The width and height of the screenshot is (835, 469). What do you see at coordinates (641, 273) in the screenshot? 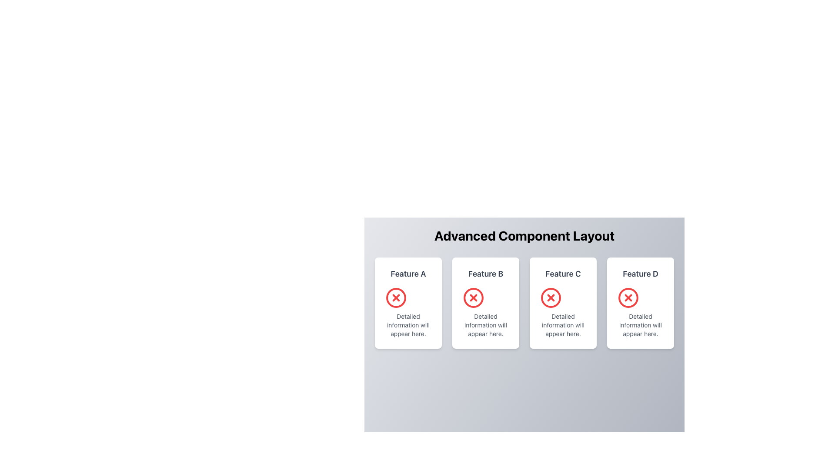
I see `text content of the Text Label displaying 'Feature D', located at the top-center of the fourth card from the left` at bounding box center [641, 273].